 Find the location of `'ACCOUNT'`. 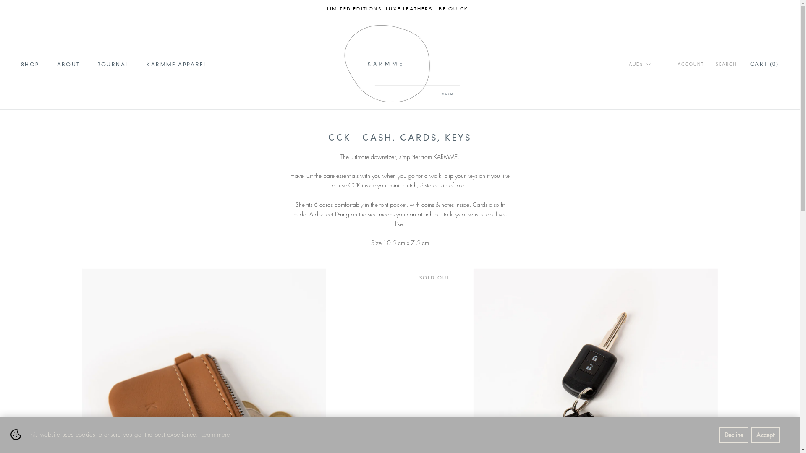

'ACCOUNT' is located at coordinates (691, 64).